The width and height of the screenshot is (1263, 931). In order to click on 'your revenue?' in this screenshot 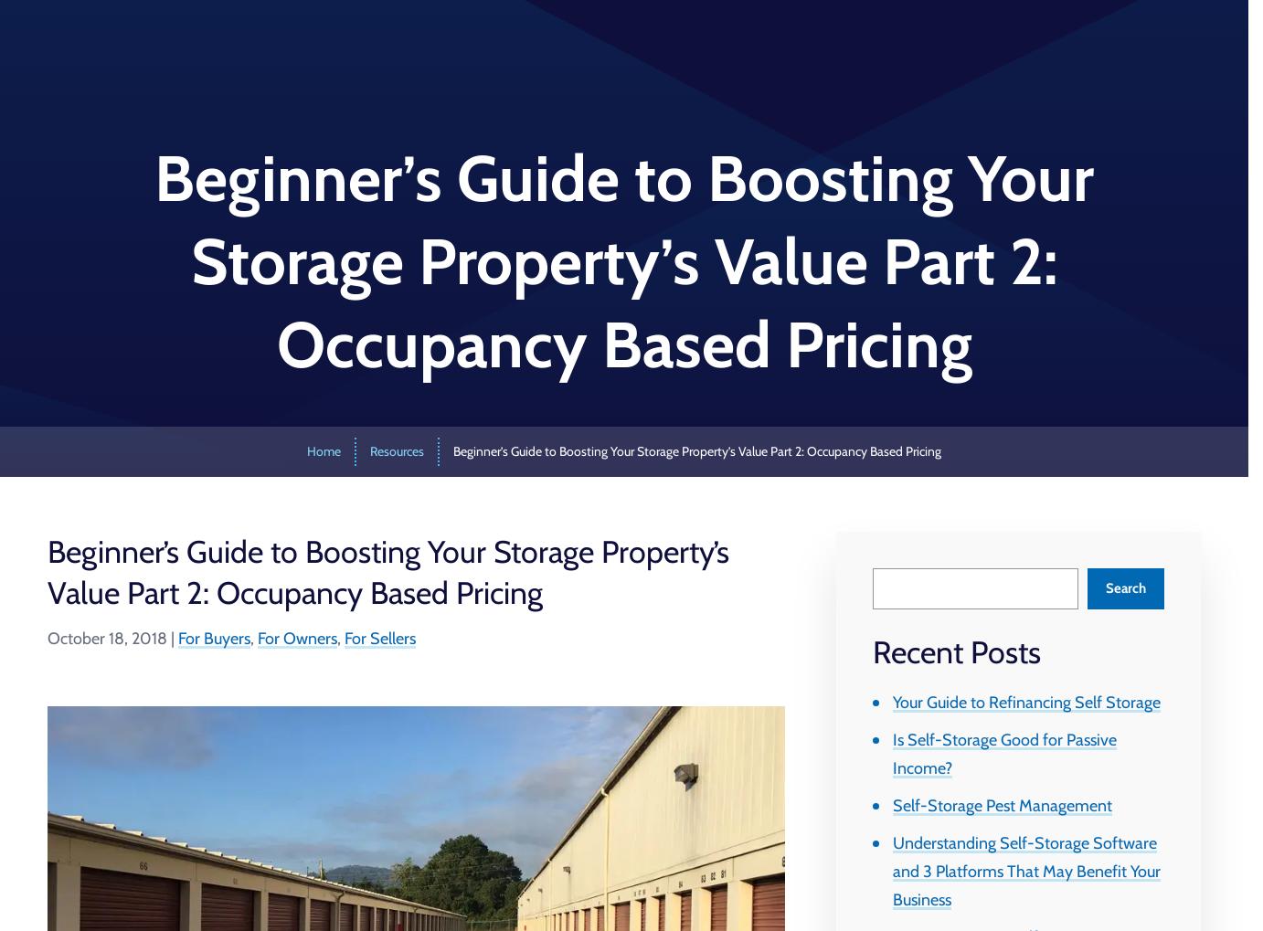, I will do `click(262, 468)`.